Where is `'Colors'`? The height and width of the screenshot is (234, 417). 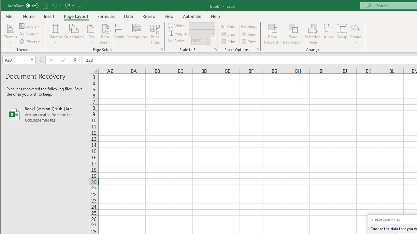 'Colors' is located at coordinates (30, 26).